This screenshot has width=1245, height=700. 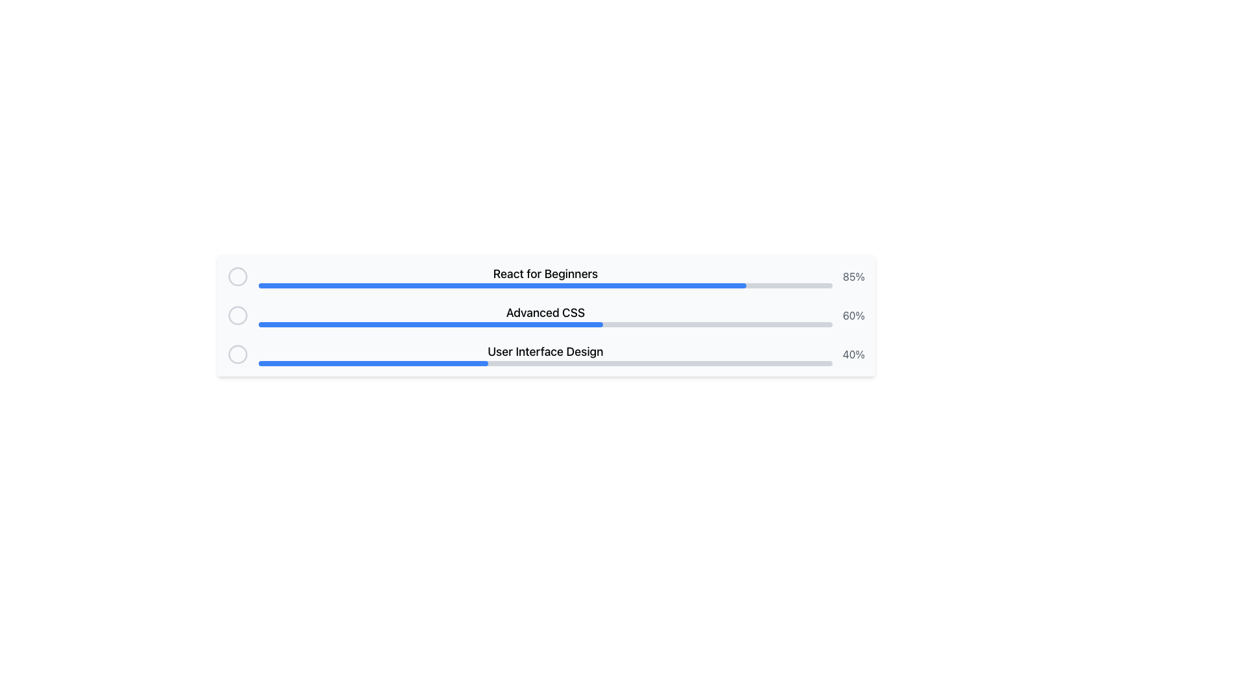 What do you see at coordinates (545, 285) in the screenshot?
I see `the progress bar representing the task 'React for Beginners', which is the first in a vertically stacked list of progress bars, located below its corresponding label` at bounding box center [545, 285].